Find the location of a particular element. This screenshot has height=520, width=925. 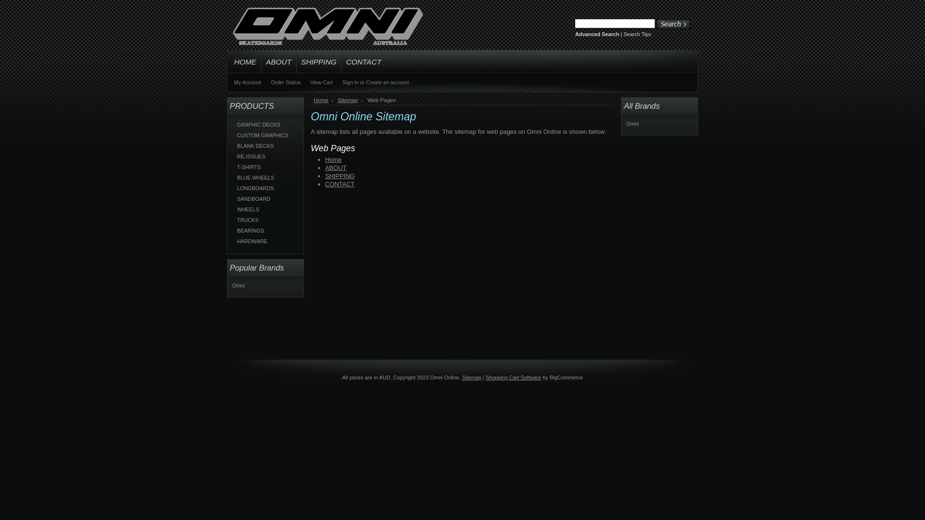

'Sitemap' is located at coordinates (349, 100).